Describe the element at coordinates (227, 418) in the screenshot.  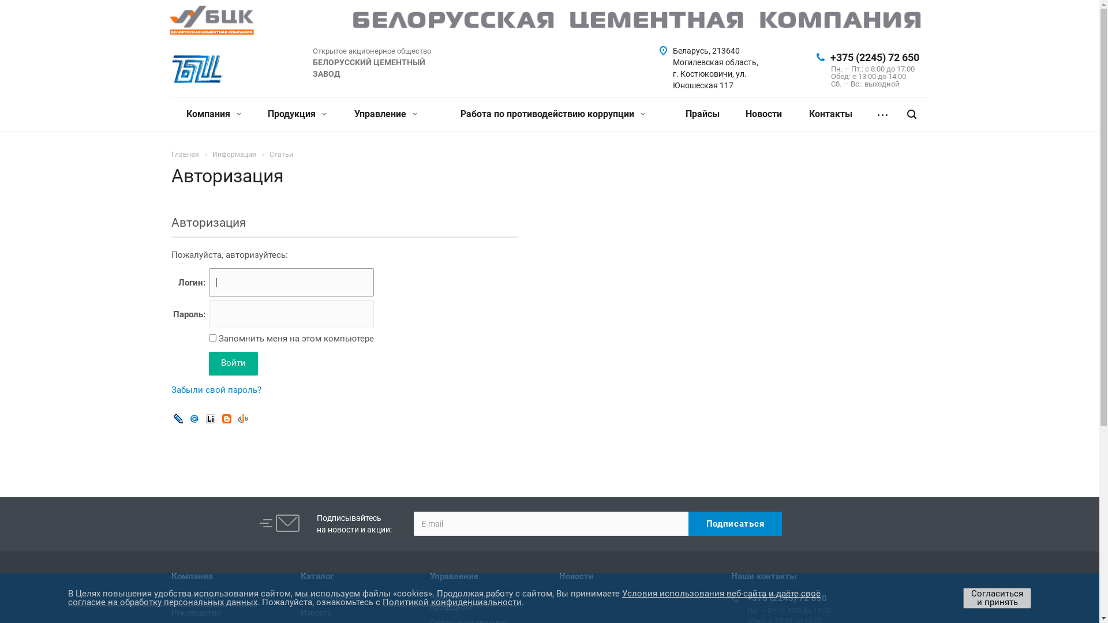
I see `'Blogger'` at that location.